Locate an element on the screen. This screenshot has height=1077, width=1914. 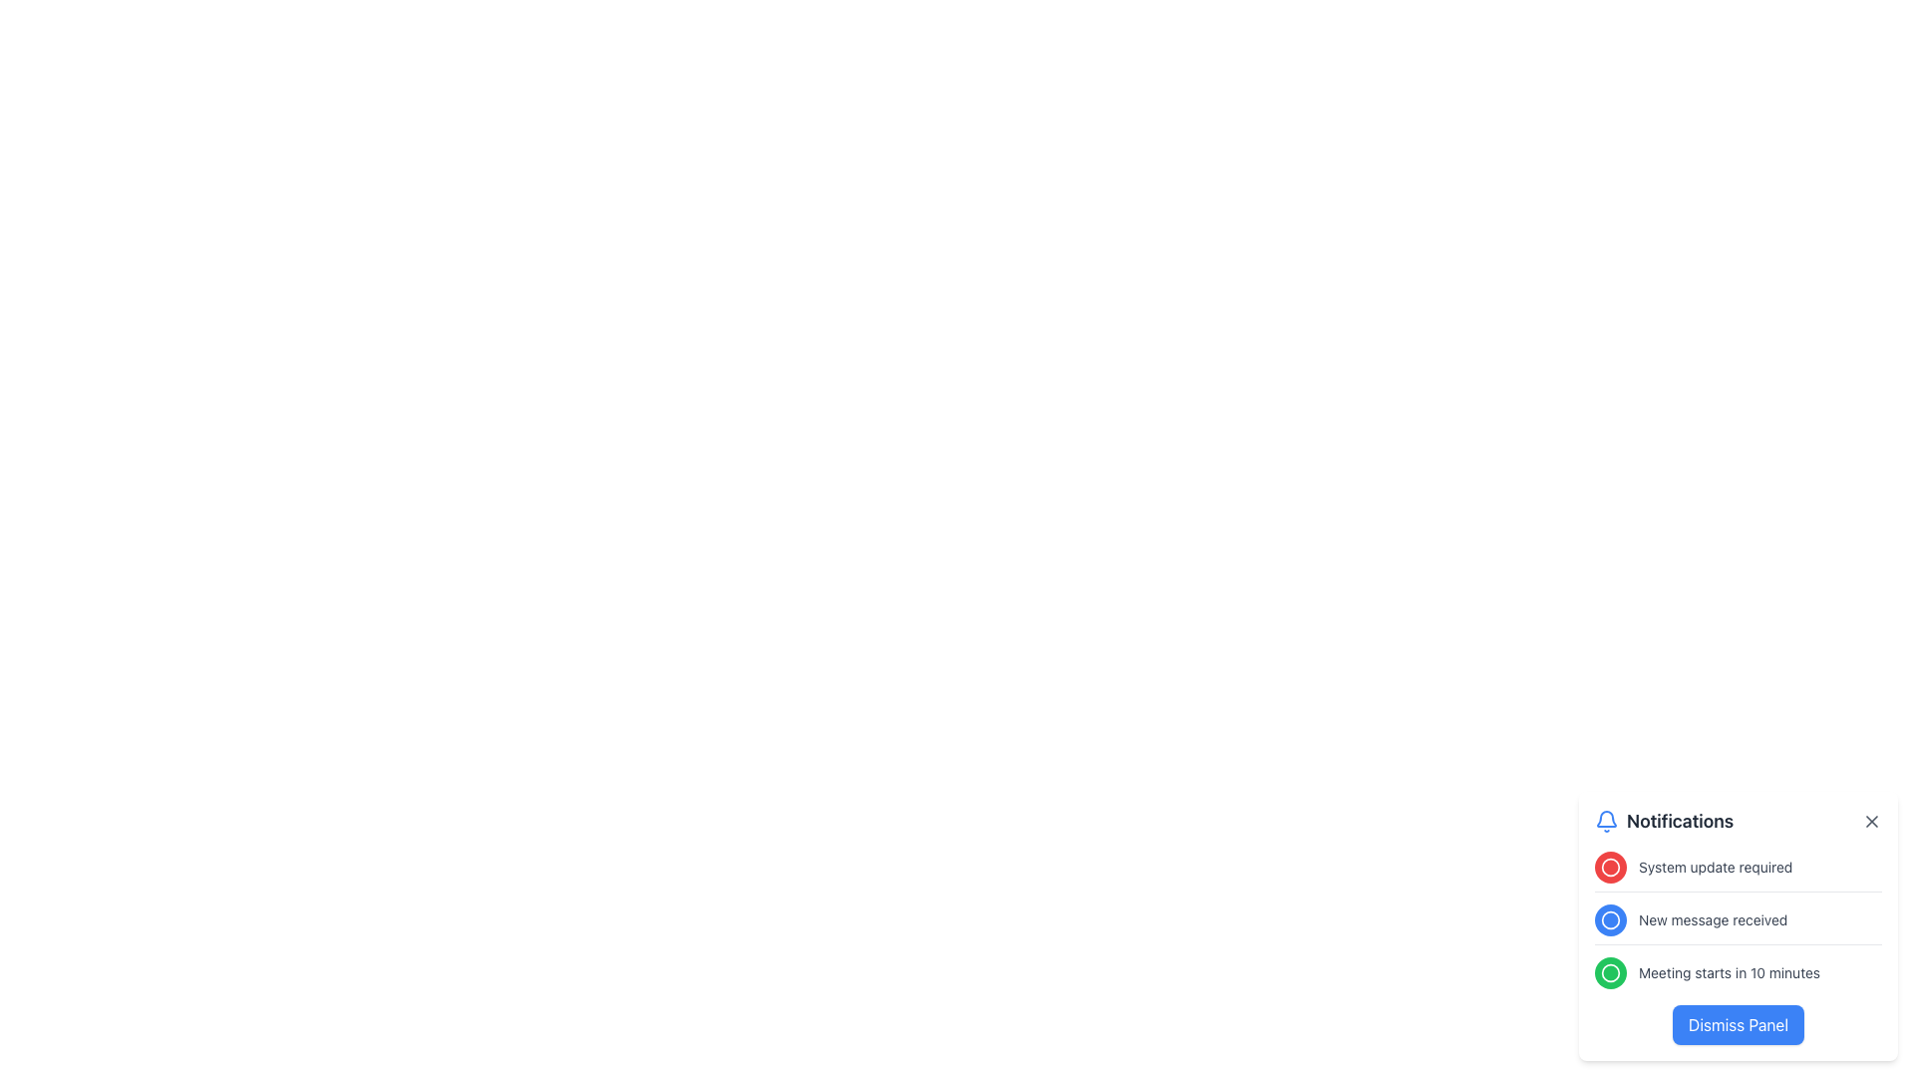
the second notification item in the list, which contains a circular blue icon and the text 'New message received' is located at coordinates (1737, 926).